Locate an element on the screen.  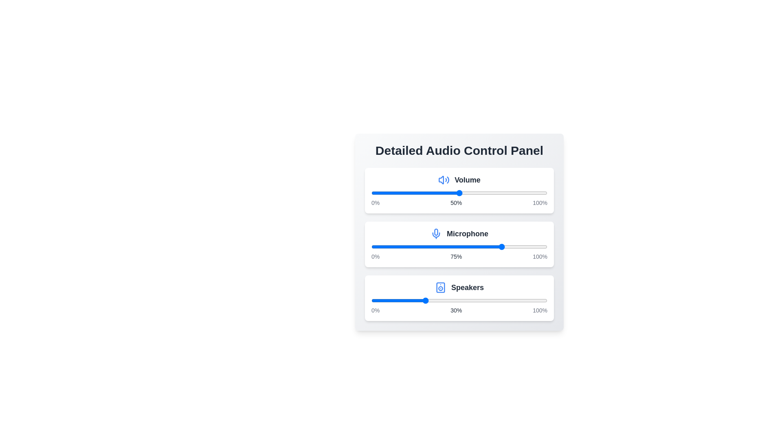
the icon for Speakers to inspect it is located at coordinates (440, 287).